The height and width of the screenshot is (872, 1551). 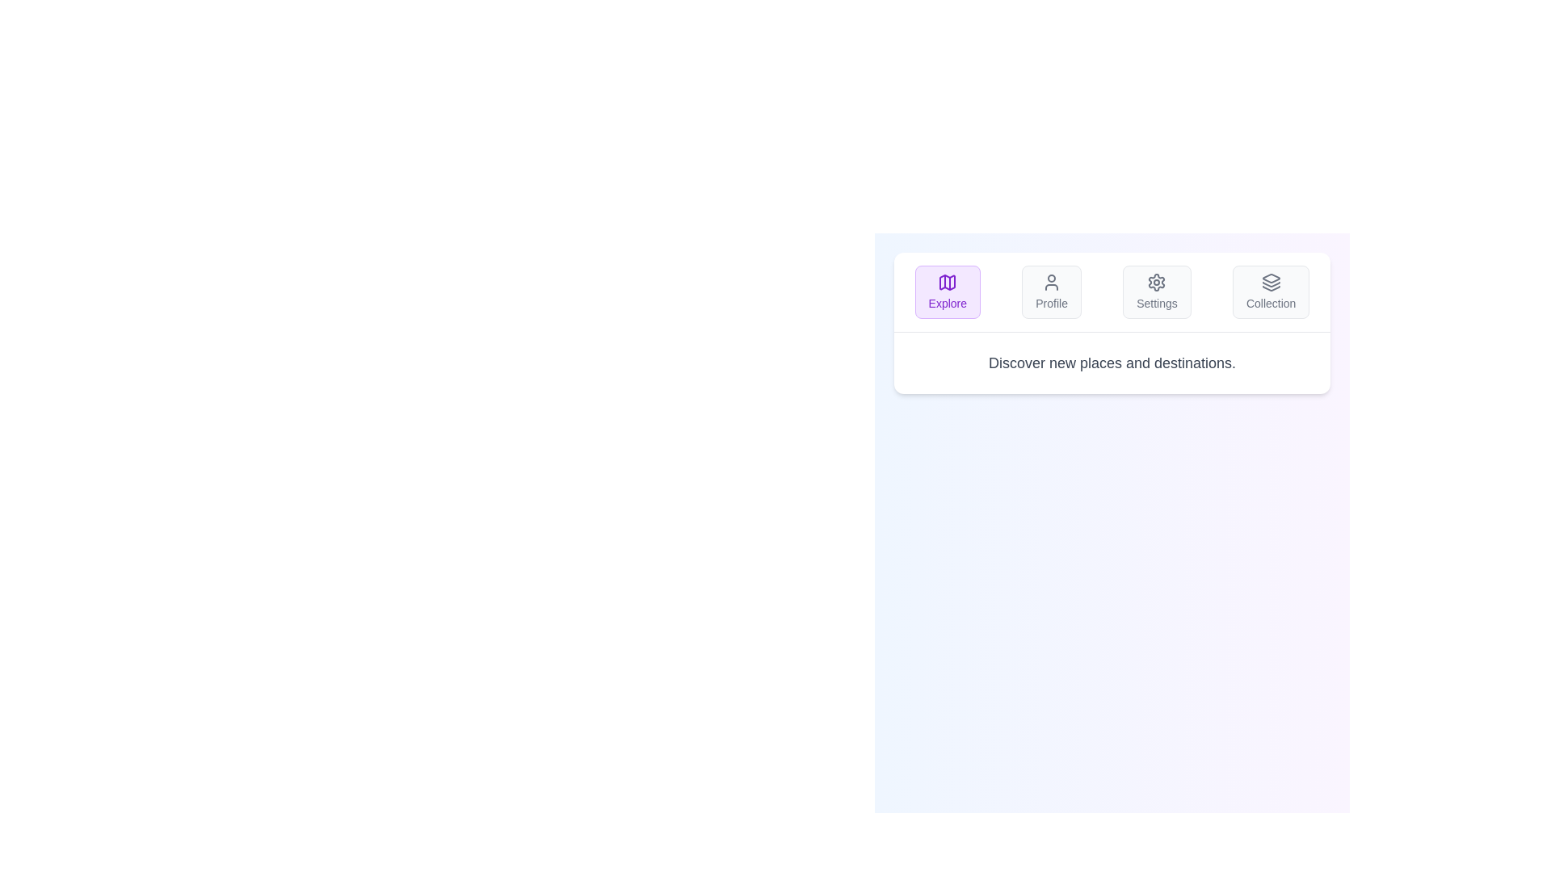 What do you see at coordinates (1270, 292) in the screenshot?
I see `the navigation button that leads to the 'Collection' section, which is the fourth button in a horizontal list, positioned to the far right next to the 'Settings' button` at bounding box center [1270, 292].